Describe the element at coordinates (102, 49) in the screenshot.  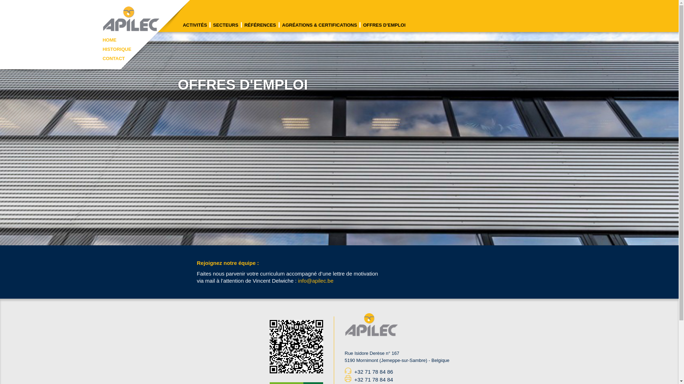
I see `'HISTORIQUE'` at that location.